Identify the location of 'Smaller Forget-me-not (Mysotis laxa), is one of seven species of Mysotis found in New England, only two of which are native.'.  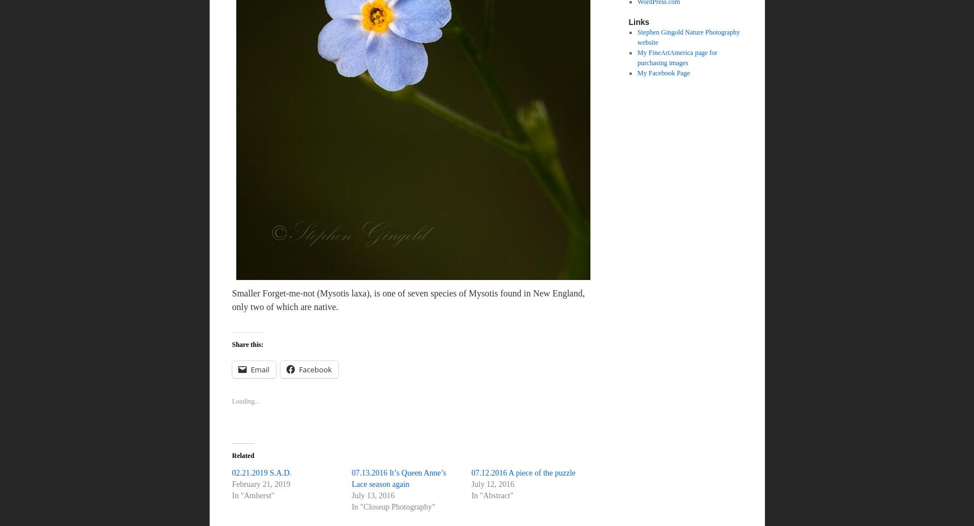
(231, 299).